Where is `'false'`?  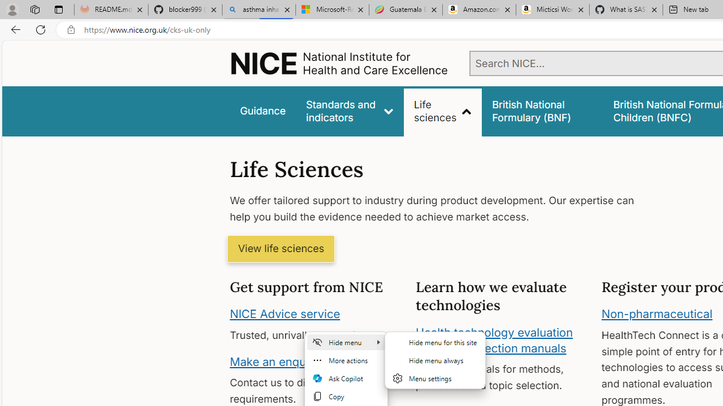 'false' is located at coordinates (542, 111).